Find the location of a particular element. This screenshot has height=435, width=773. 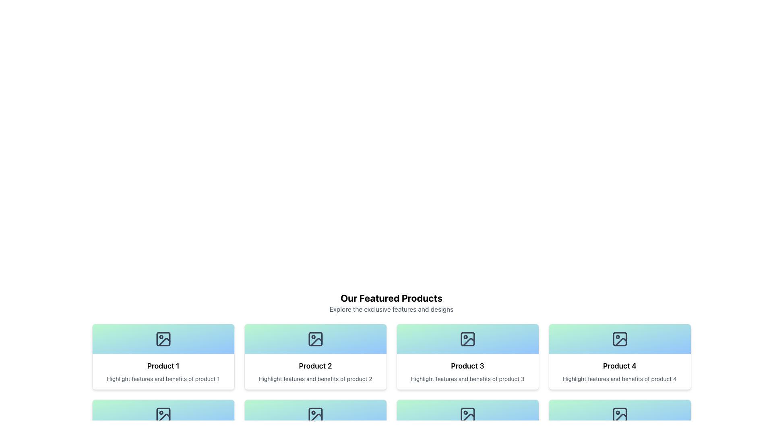

descriptive subtitle text for 'Product 4' located in the card at the top-right corner of the grid layout, positioned as the second line of text beneath the title 'Product 4' is located at coordinates (619, 379).